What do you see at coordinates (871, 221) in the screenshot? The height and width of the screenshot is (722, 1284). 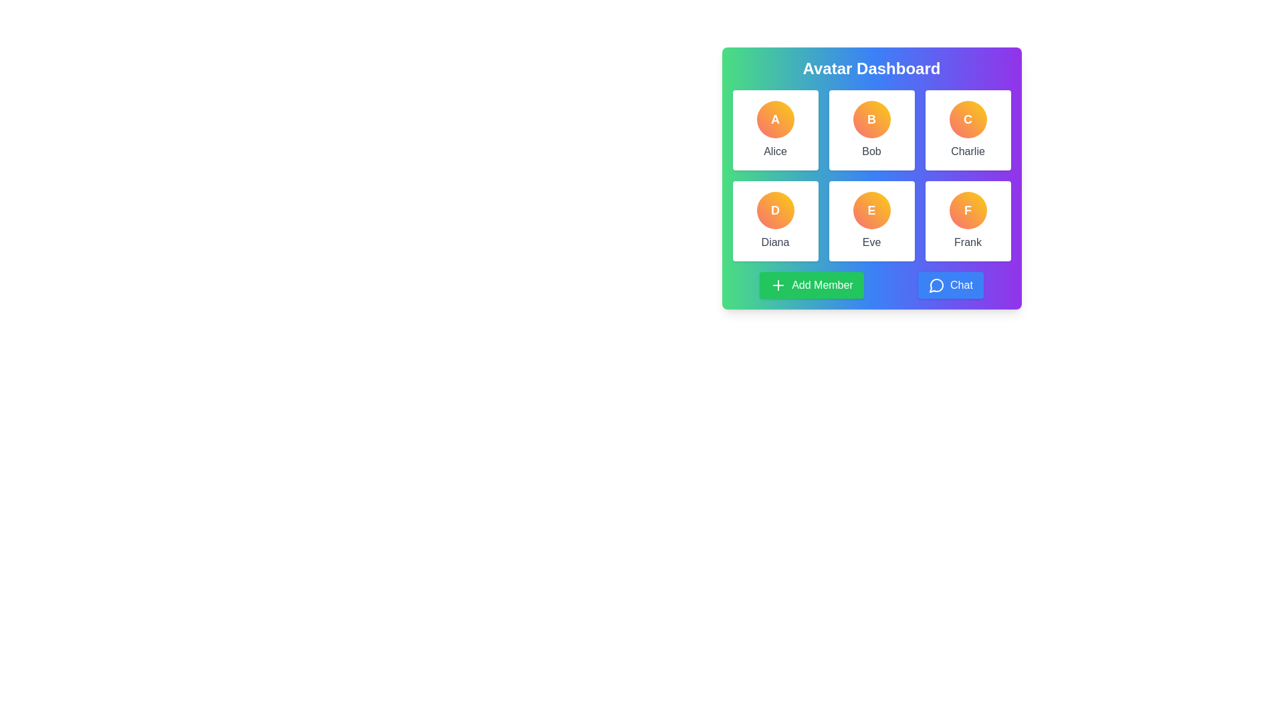 I see `to select the user profile card located in the second row and middle column of a 3x2 grid, positioned below 'Bob' and beside 'Diana' and 'Frank'` at bounding box center [871, 221].